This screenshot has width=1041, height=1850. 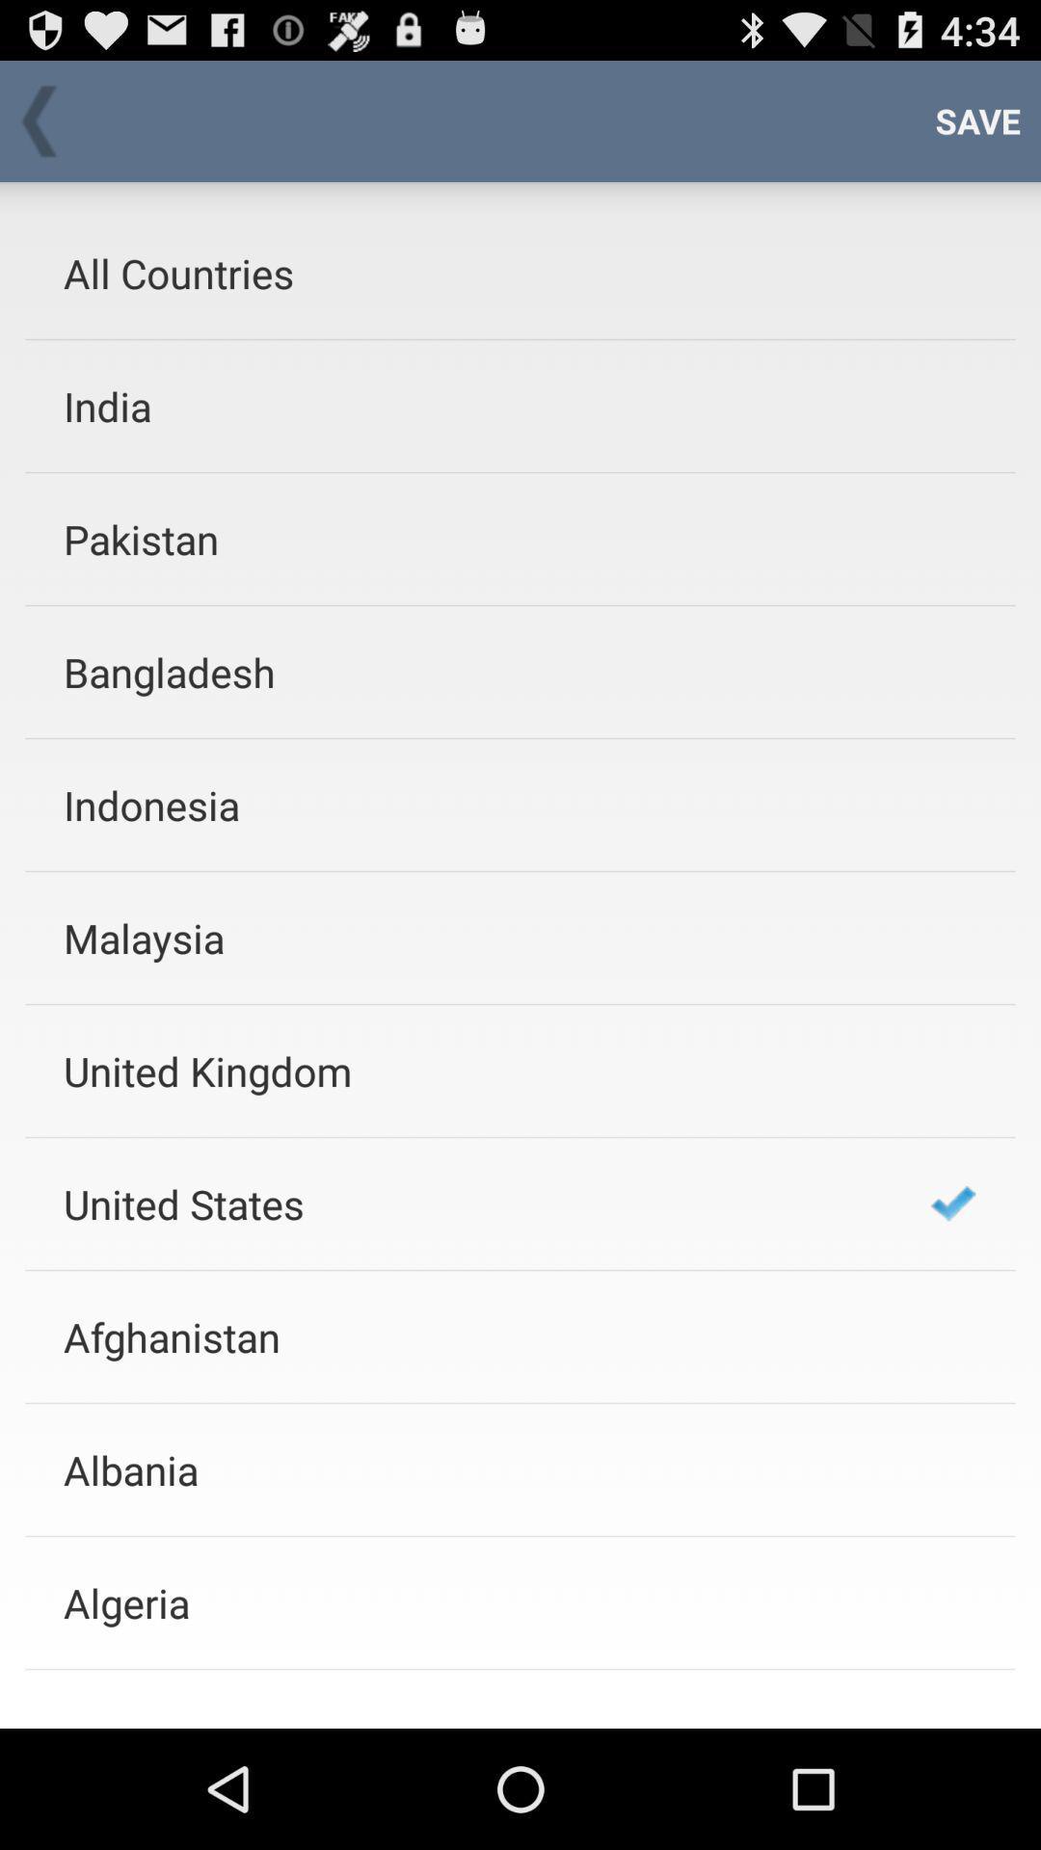 What do you see at coordinates (471, 805) in the screenshot?
I see `the icon above the malaysia` at bounding box center [471, 805].